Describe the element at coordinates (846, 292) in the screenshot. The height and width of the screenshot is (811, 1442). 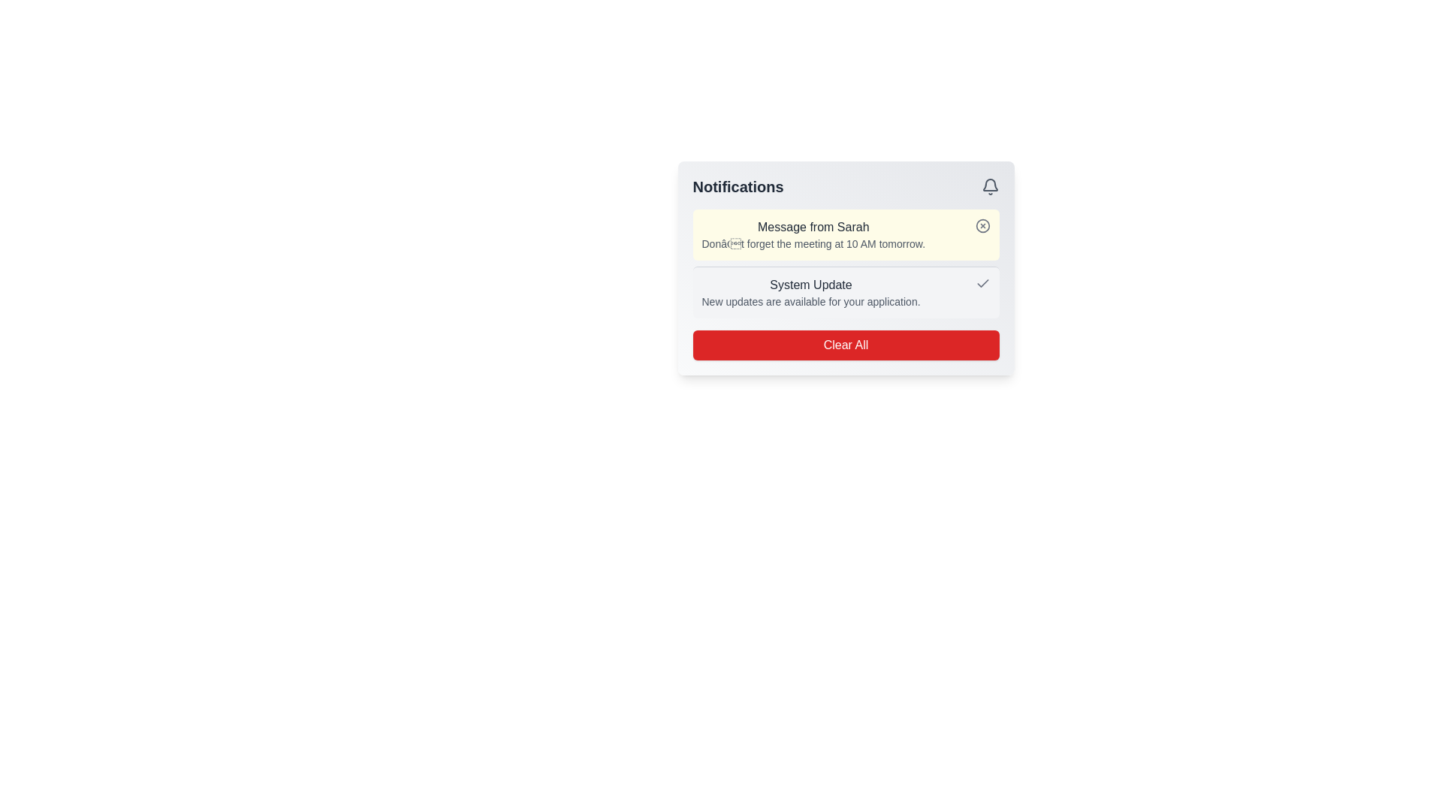
I see `text block containing the update information located in the second notification block of the 'Notifications' panel, positioned below 'Message from Sarah' and above the 'Clear All' button` at that location.